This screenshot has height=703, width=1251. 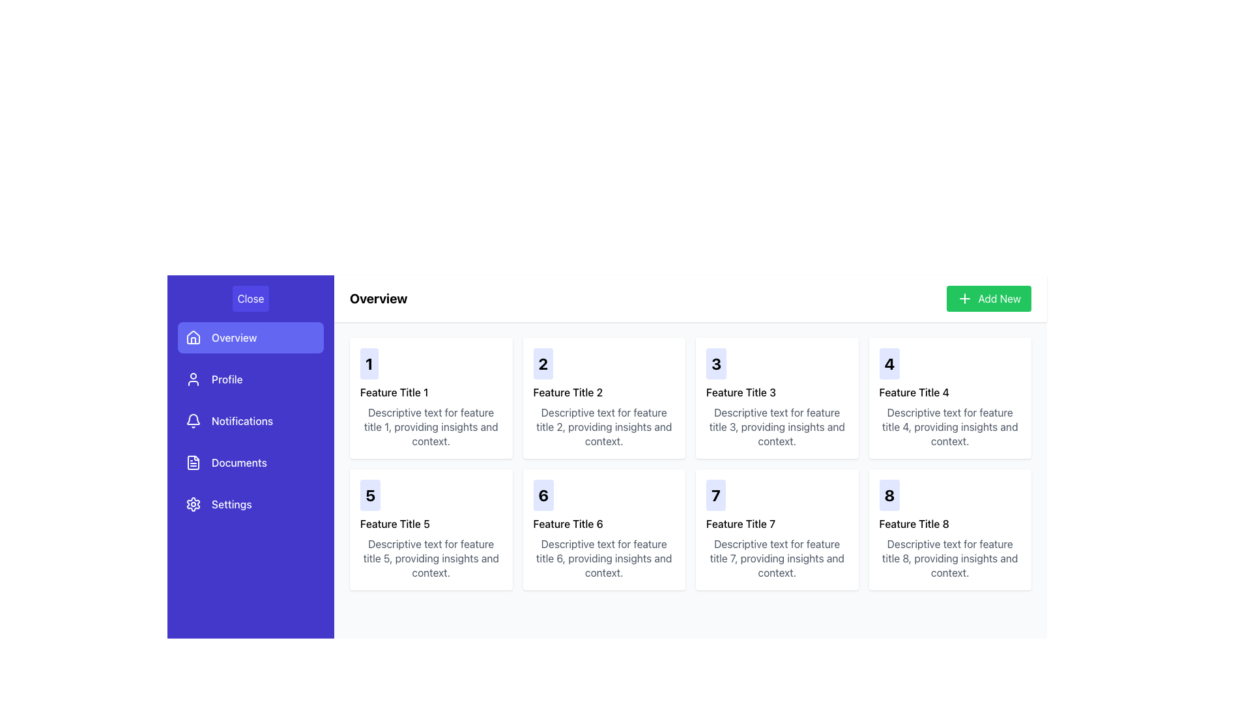 What do you see at coordinates (250, 299) in the screenshot?
I see `the button that closes the navigation menu, located at the top of the vertical navigation menu on the left side of the page, to trigger hover effects` at bounding box center [250, 299].